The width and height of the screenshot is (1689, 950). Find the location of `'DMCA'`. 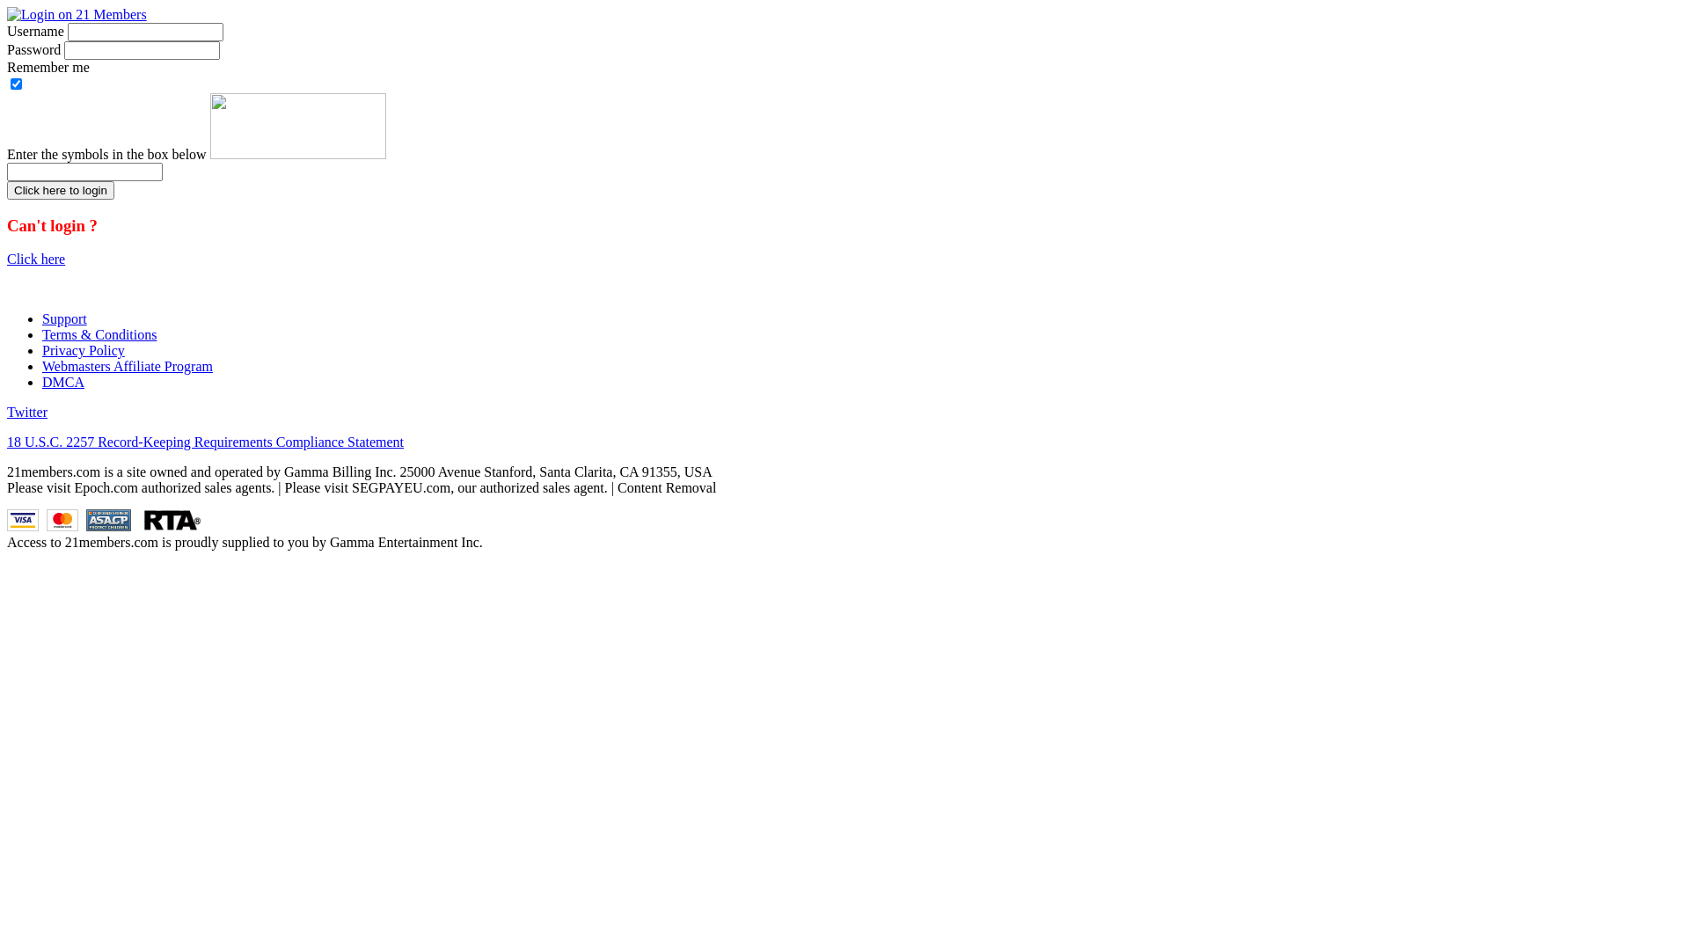

'DMCA' is located at coordinates (63, 381).